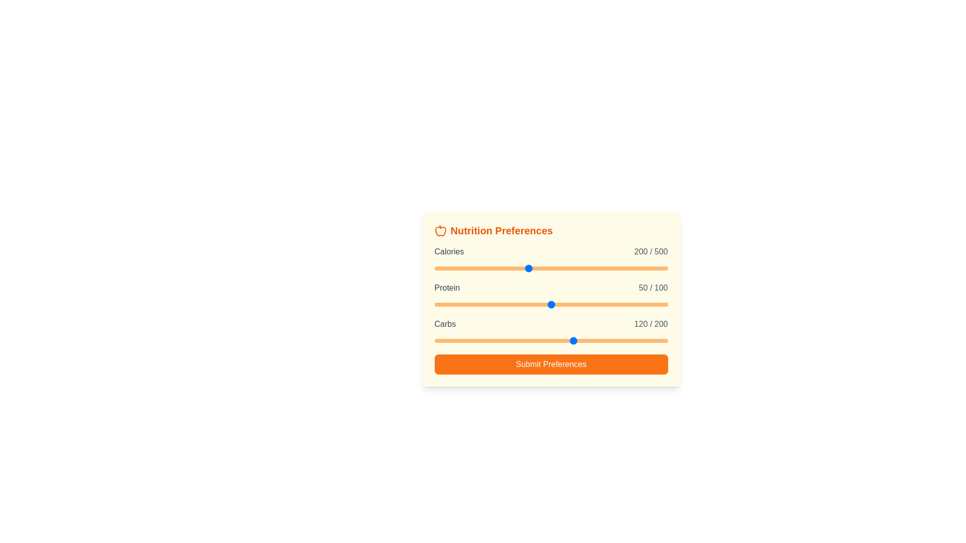  What do you see at coordinates (446, 288) in the screenshot?
I see `the text label displaying 'Protein' which is styled in gray color and appears in the 'Nutrition Preferences' section, located between the 'Calories' and 'Carbs' rows` at bounding box center [446, 288].